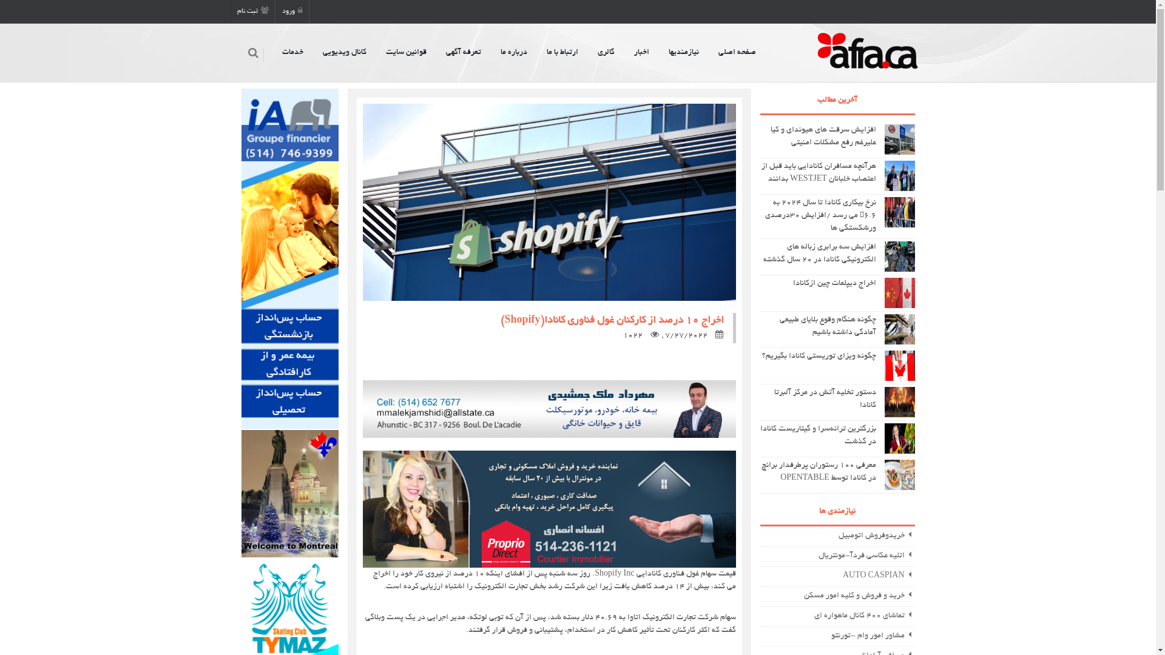 The height and width of the screenshot is (655, 1165). Describe the element at coordinates (836, 576) in the screenshot. I see `'  AUTO CASPIAN'` at that location.